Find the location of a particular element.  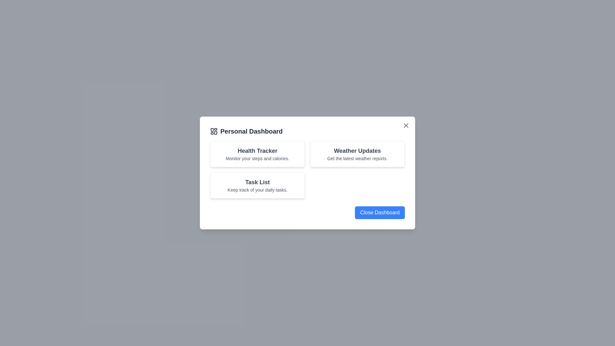

the 'Close Dashboard' button to close the dialog is located at coordinates (380, 212).